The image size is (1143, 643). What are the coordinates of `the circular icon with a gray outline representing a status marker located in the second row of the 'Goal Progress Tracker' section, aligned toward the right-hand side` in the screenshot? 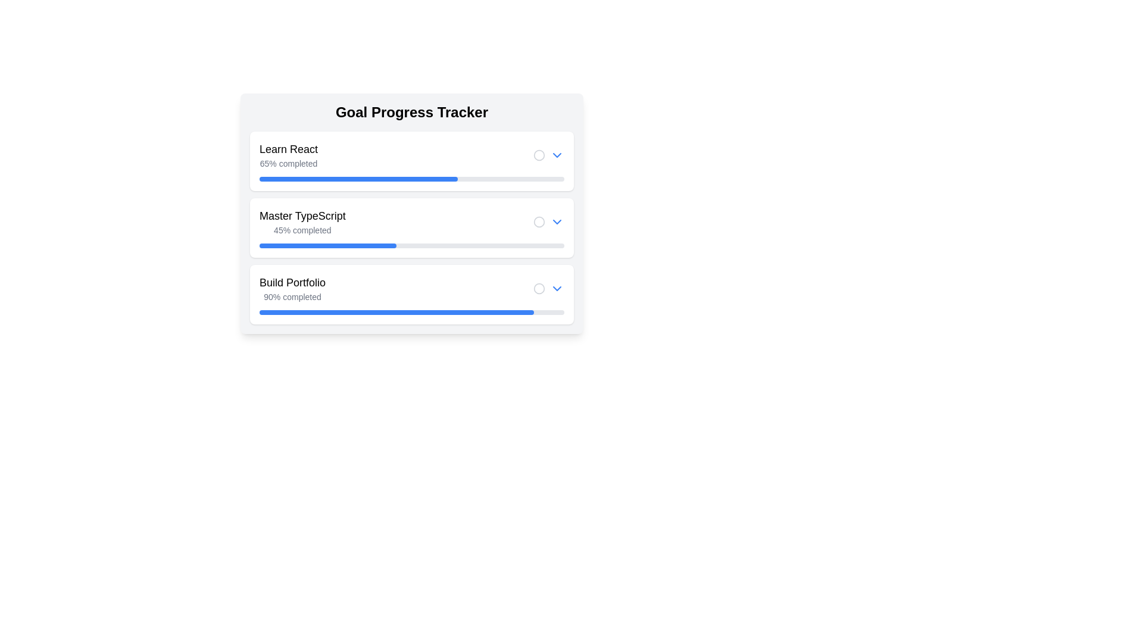 It's located at (539, 222).